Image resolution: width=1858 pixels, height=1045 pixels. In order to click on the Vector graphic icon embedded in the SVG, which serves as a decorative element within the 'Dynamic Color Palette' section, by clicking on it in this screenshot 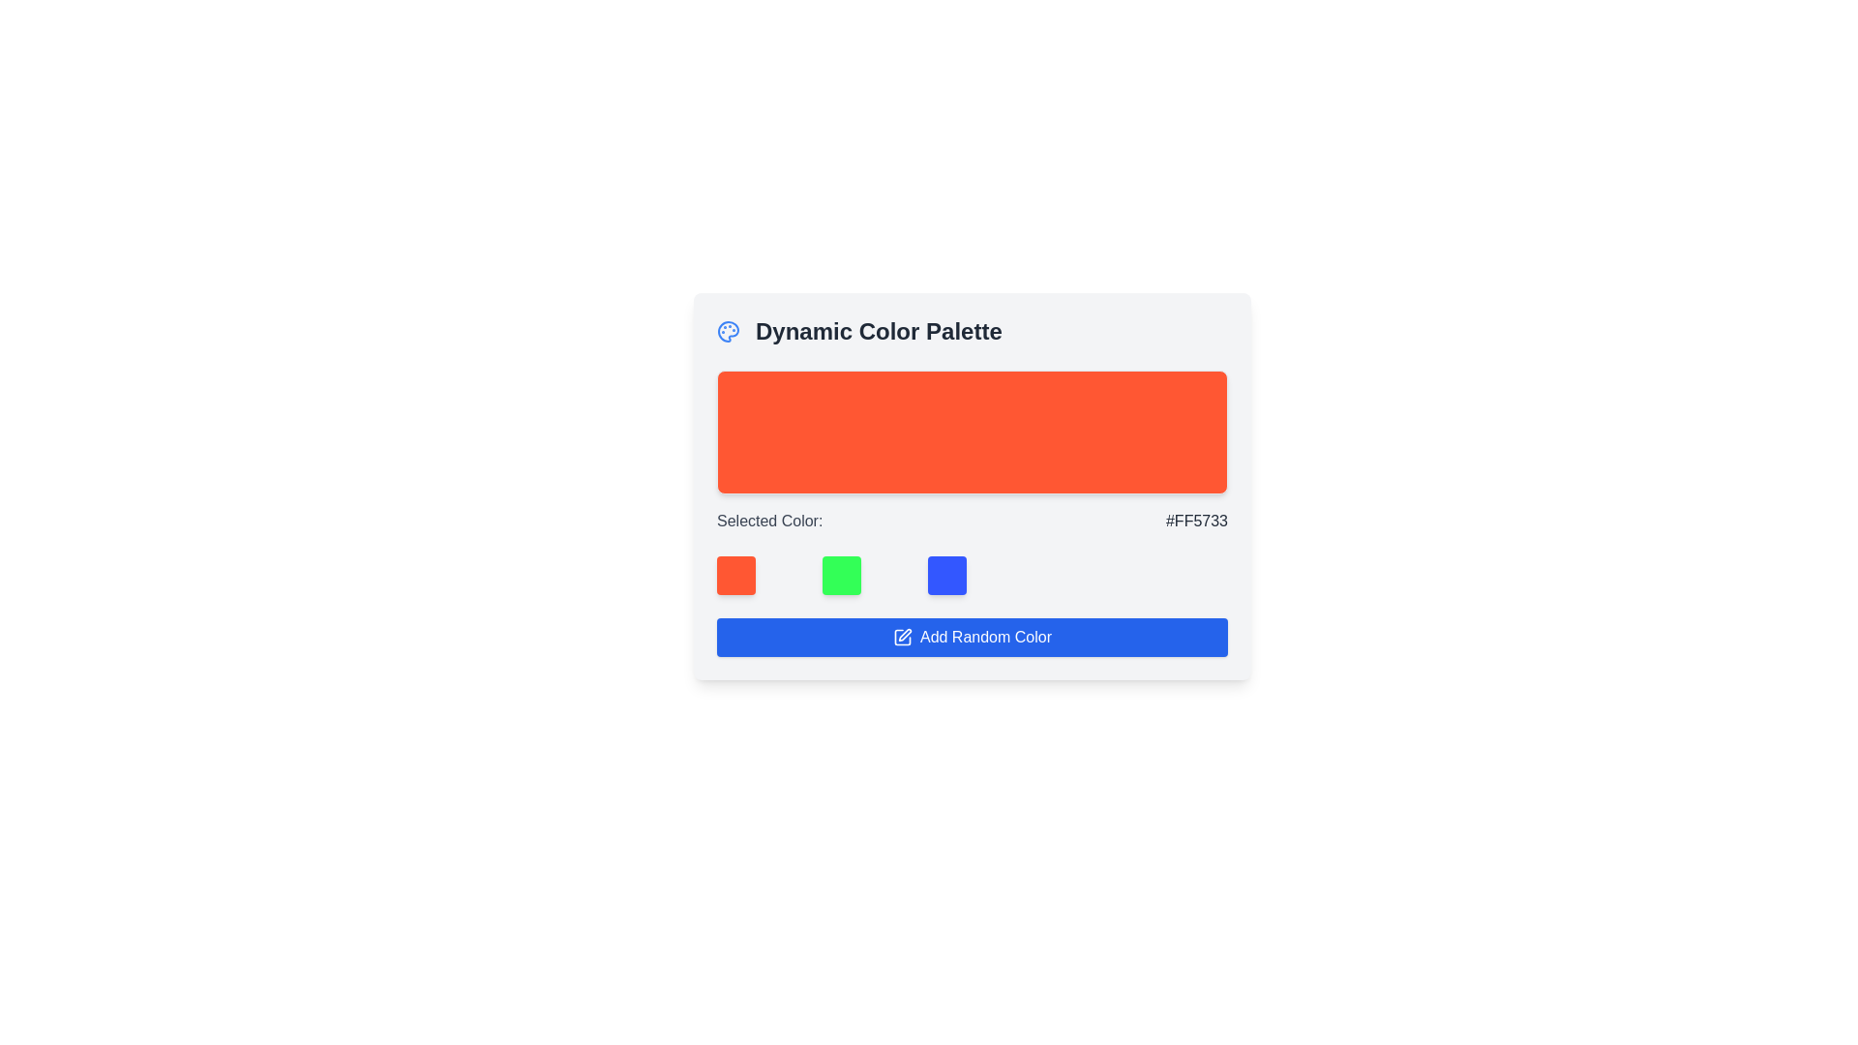, I will do `click(904, 635)`.